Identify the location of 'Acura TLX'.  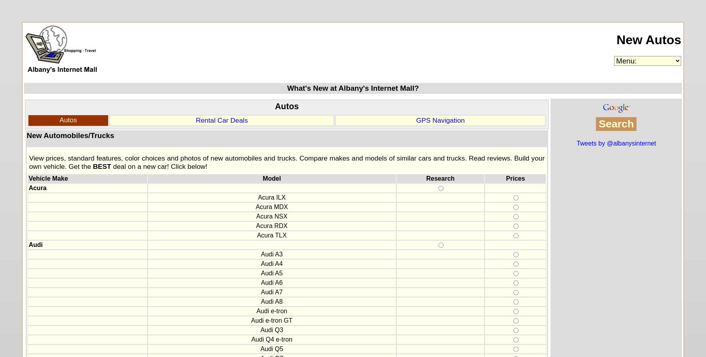
(257, 235).